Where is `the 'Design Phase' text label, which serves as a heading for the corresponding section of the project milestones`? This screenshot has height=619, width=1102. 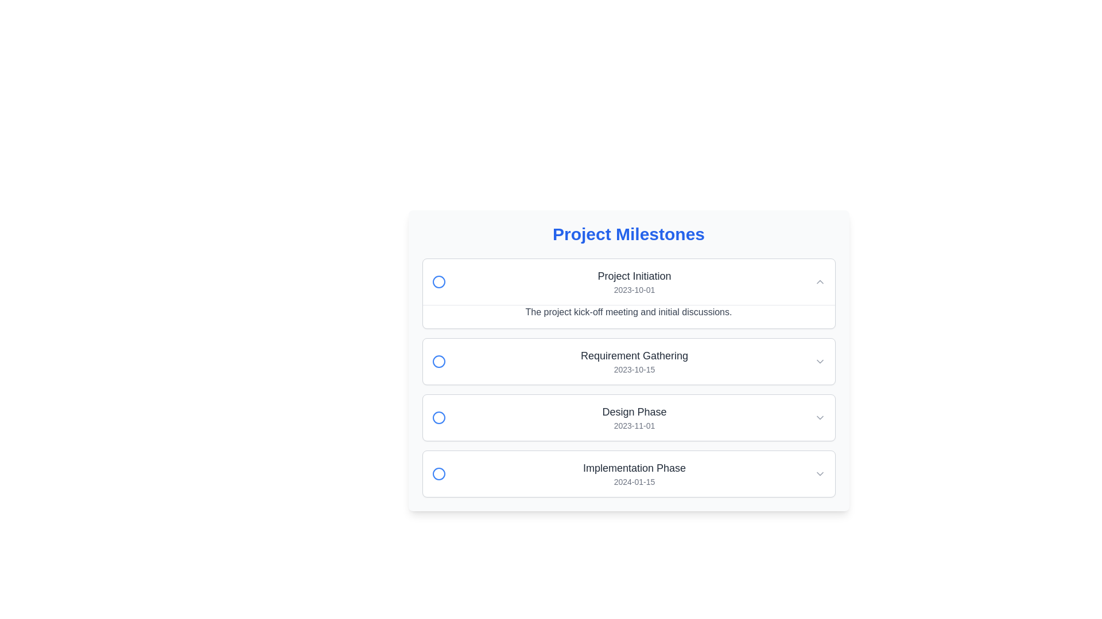
the 'Design Phase' text label, which serves as a heading for the corresponding section of the project milestones is located at coordinates (634, 411).